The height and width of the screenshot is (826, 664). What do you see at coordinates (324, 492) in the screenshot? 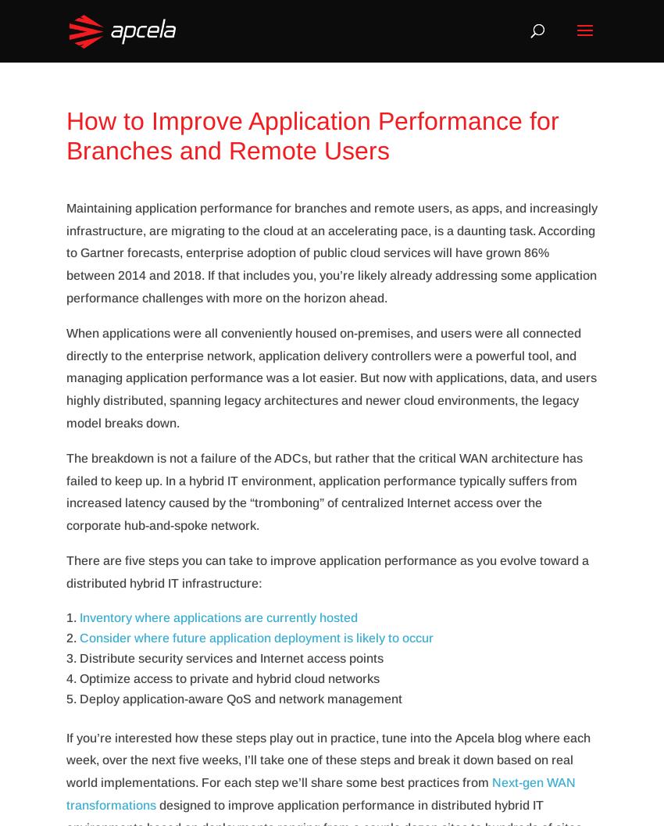
I see `'The breakdown is not a failure of the ADCs, but rather that the critical WAN architecture has failed to keep up. In a hybrid IT environment, application performance typically suffers from increased latency caused by the “tromboning” of centralized Internet access over the corporate hub-and-spoke network.'` at bounding box center [324, 492].